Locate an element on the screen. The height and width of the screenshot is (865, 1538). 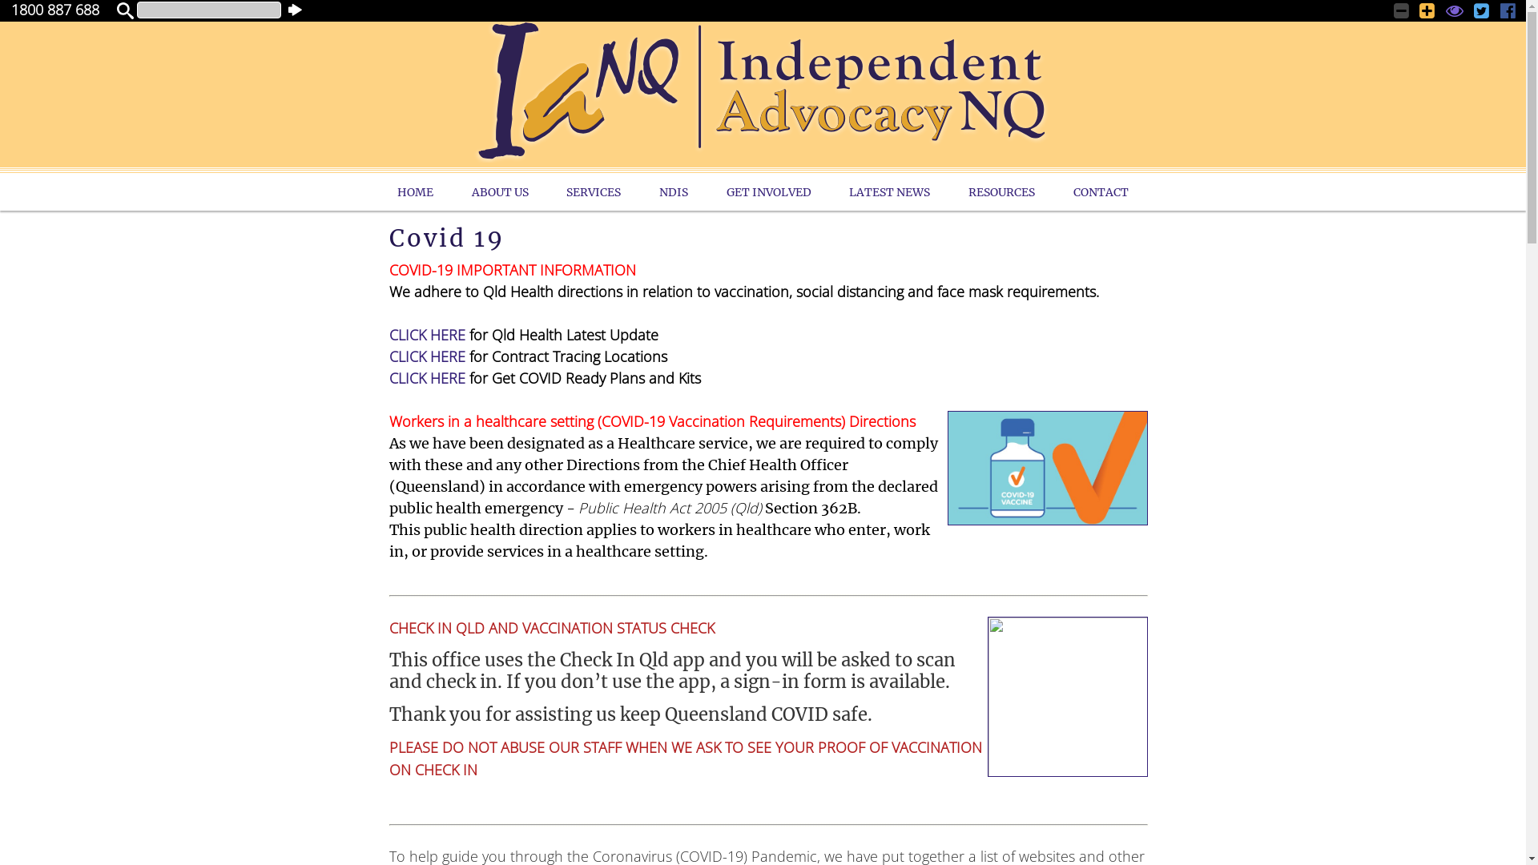
'SERVICES' is located at coordinates (561, 191).